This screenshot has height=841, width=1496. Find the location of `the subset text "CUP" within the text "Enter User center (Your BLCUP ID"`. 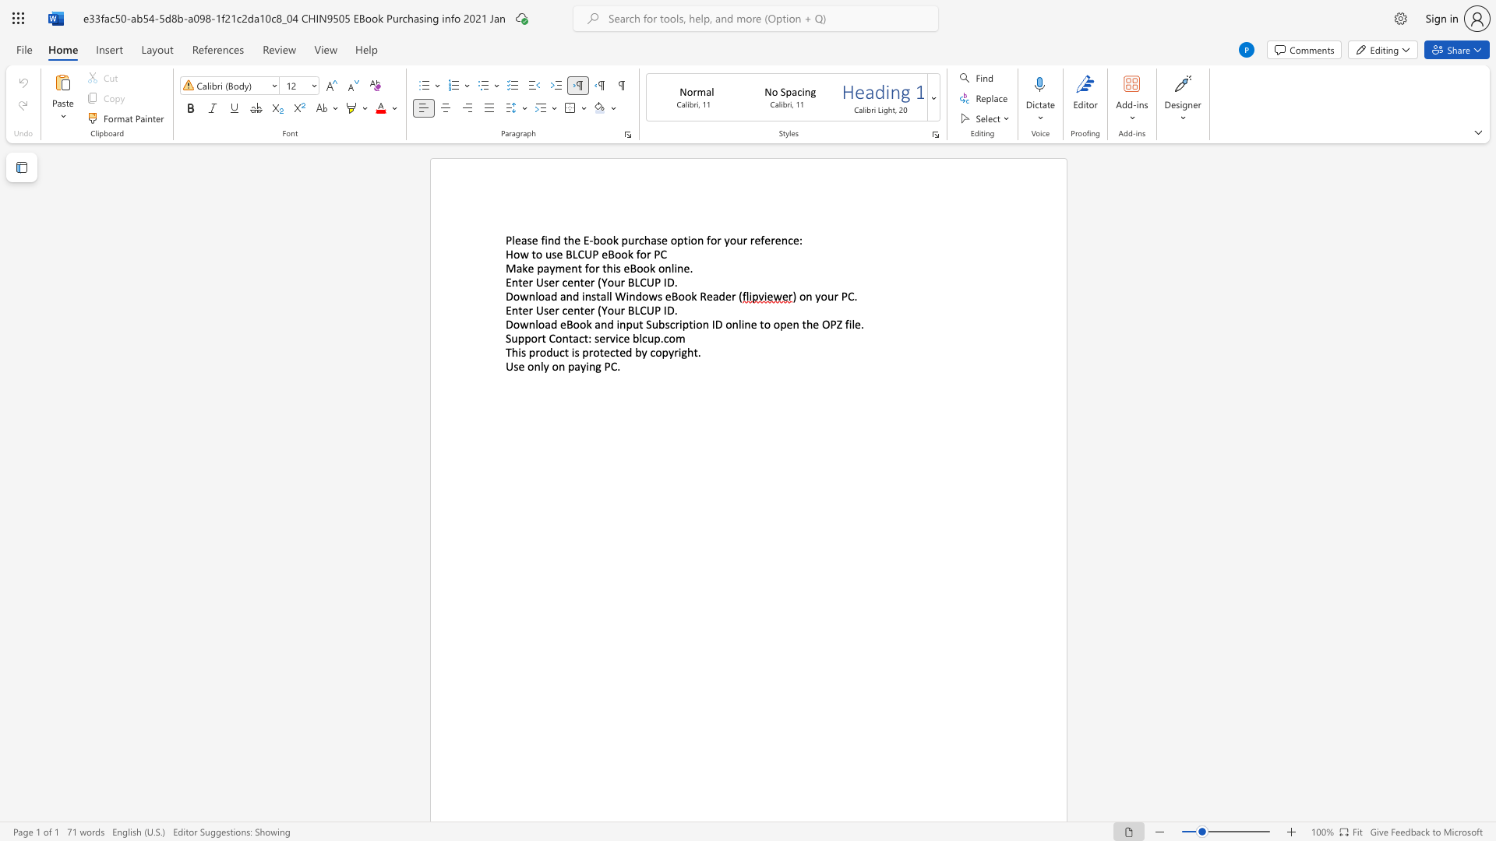

the subset text "CUP" within the text "Enter User center (Your BLCUP ID" is located at coordinates (640, 310).